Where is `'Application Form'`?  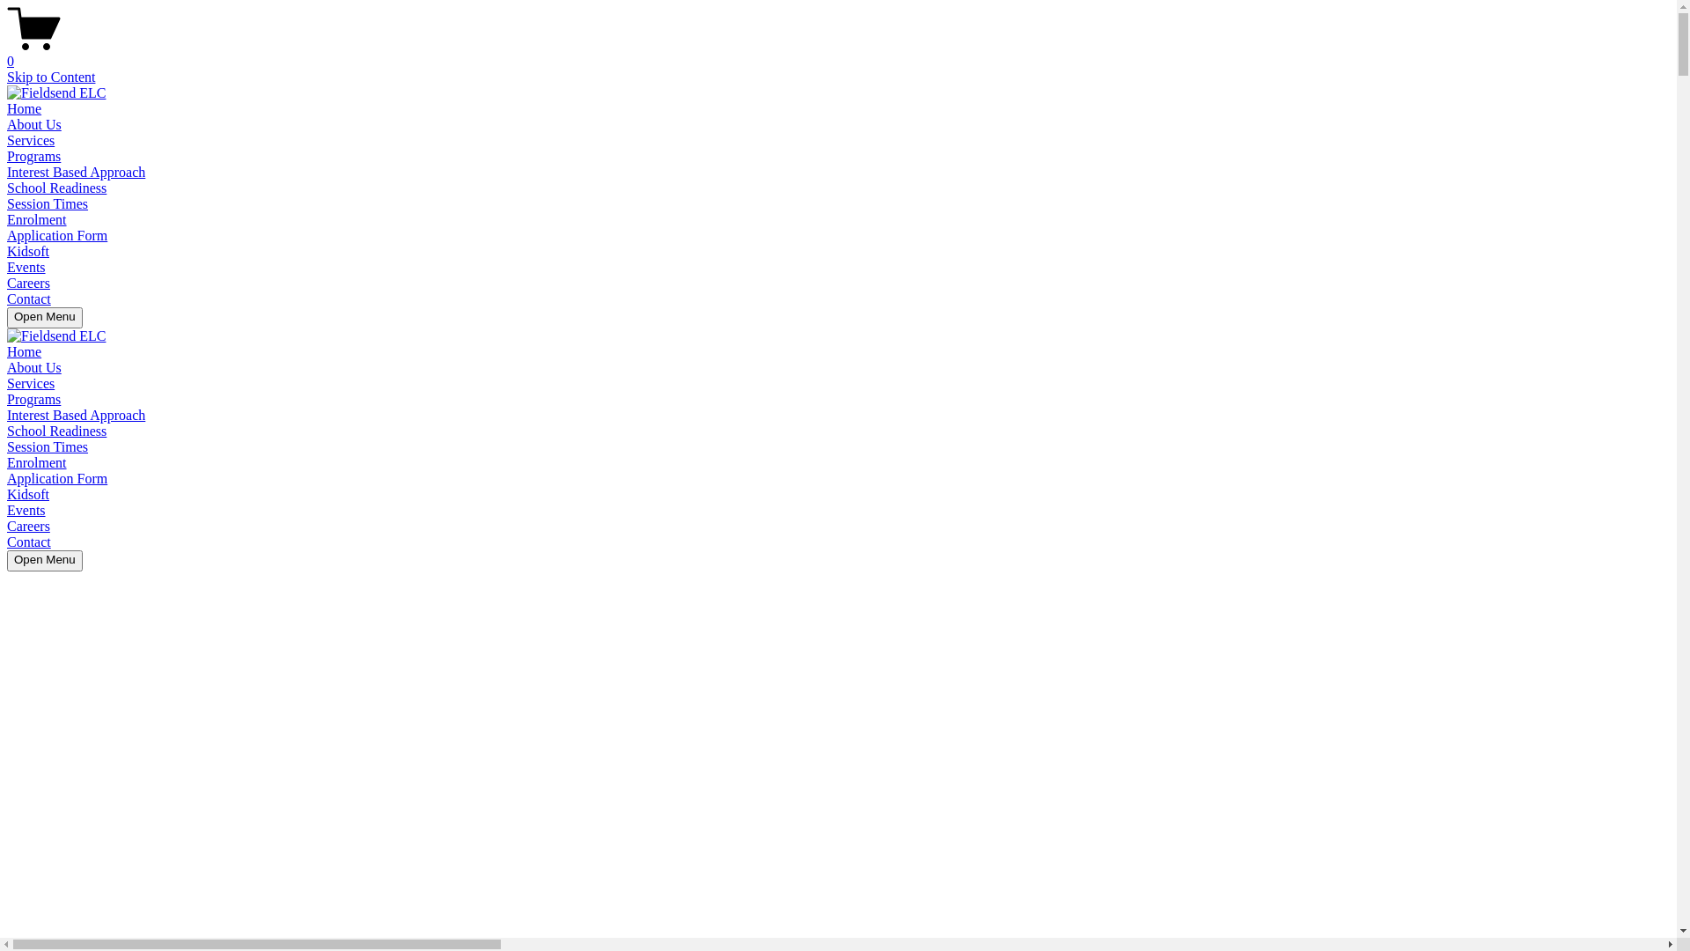 'Application Form' is located at coordinates (7, 478).